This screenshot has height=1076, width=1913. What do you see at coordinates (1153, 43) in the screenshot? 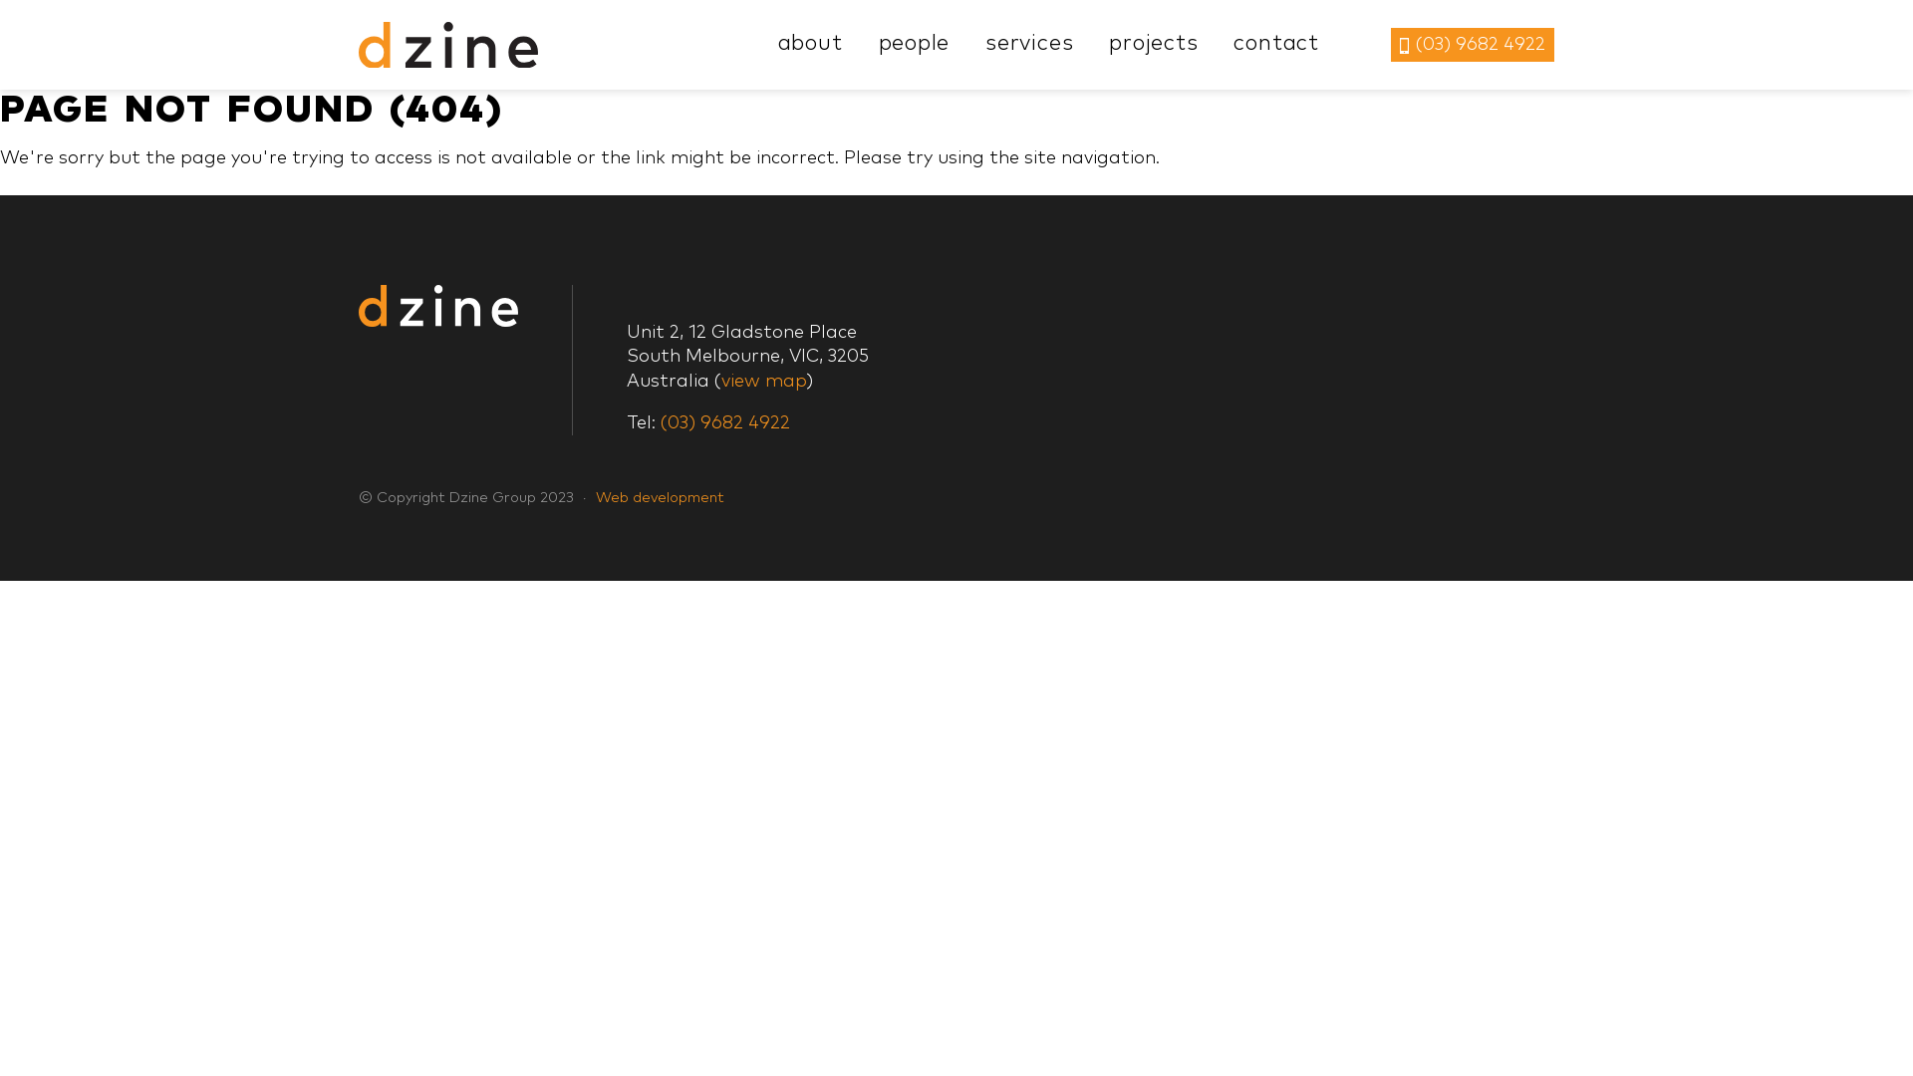
I see `'projects'` at bounding box center [1153, 43].